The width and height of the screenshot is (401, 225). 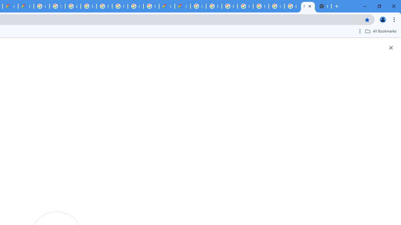 What do you see at coordinates (73, 6) in the screenshot?
I see `'Browse Chrome as a guest - Computer - Google Chrome Help'` at bounding box center [73, 6].